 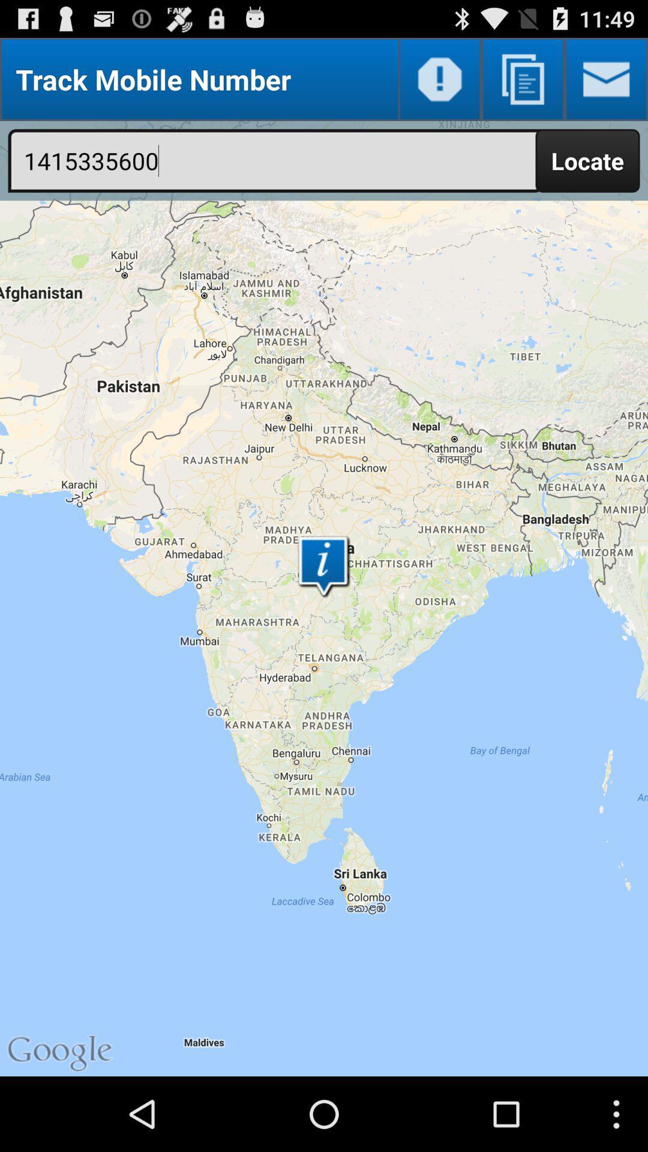 What do you see at coordinates (522, 79) in the screenshot?
I see `choose another screen` at bounding box center [522, 79].